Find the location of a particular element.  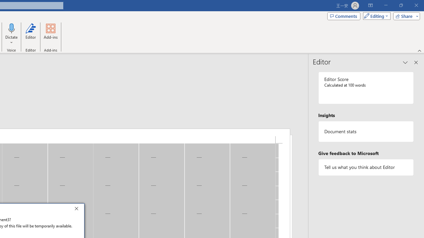

'More Options' is located at coordinates (12, 40).